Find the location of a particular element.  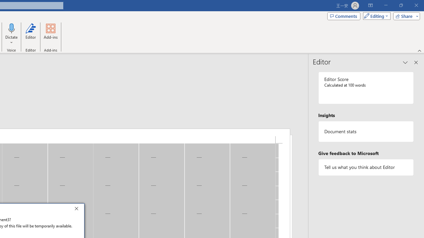

'More Options' is located at coordinates (12, 40).